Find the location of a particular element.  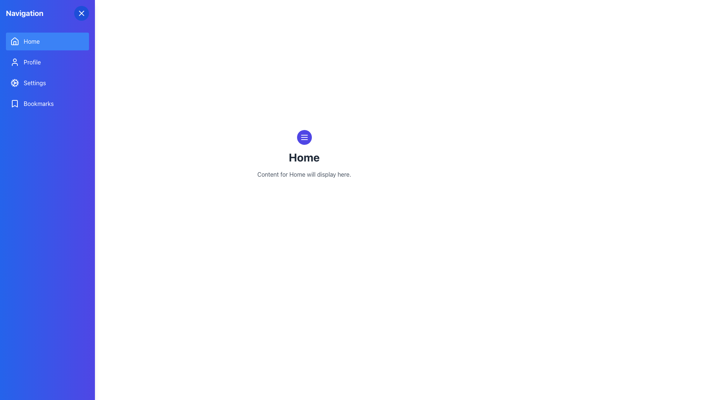

the circular button with an indigo-blue background and white menu-like pattern is located at coordinates (304, 137).